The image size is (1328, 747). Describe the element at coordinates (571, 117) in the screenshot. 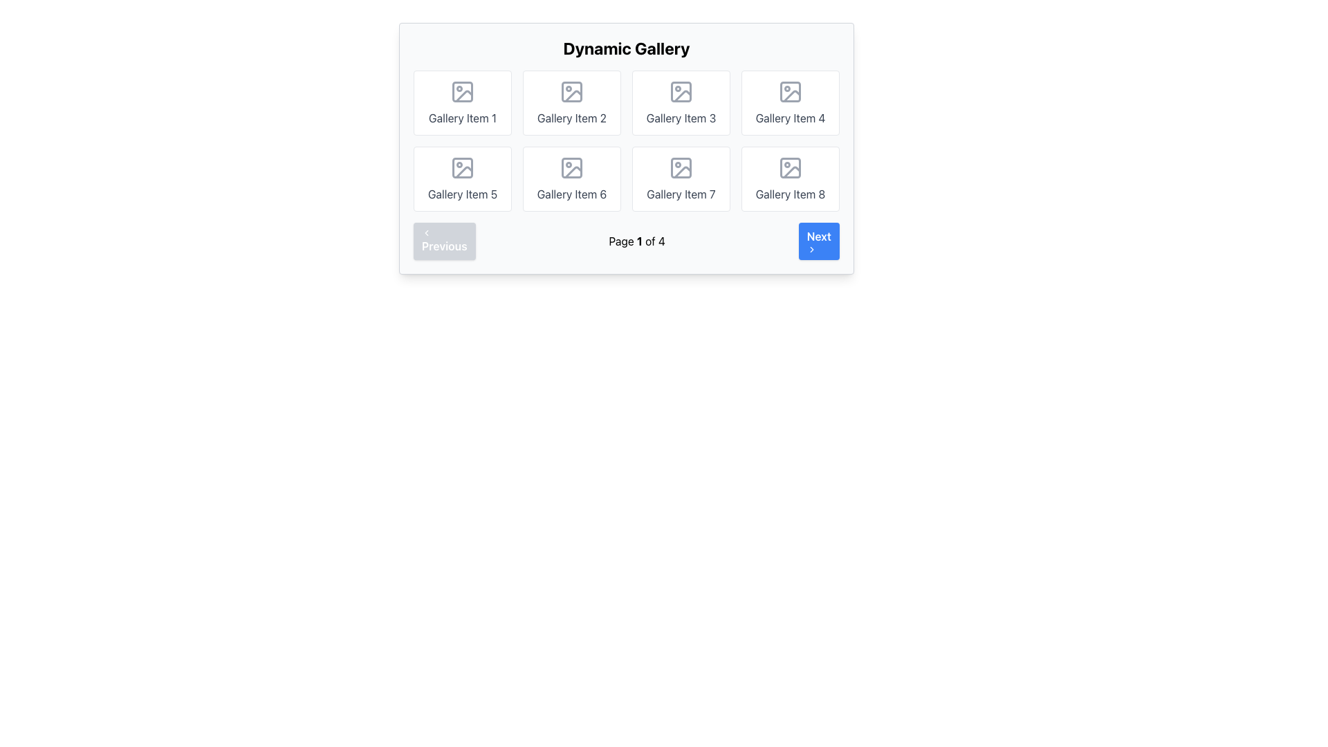

I see `label of the text element styled in gray that reads 'Gallery Item 2', located at the bottom of the second gallery item in the first row of the grid` at that location.